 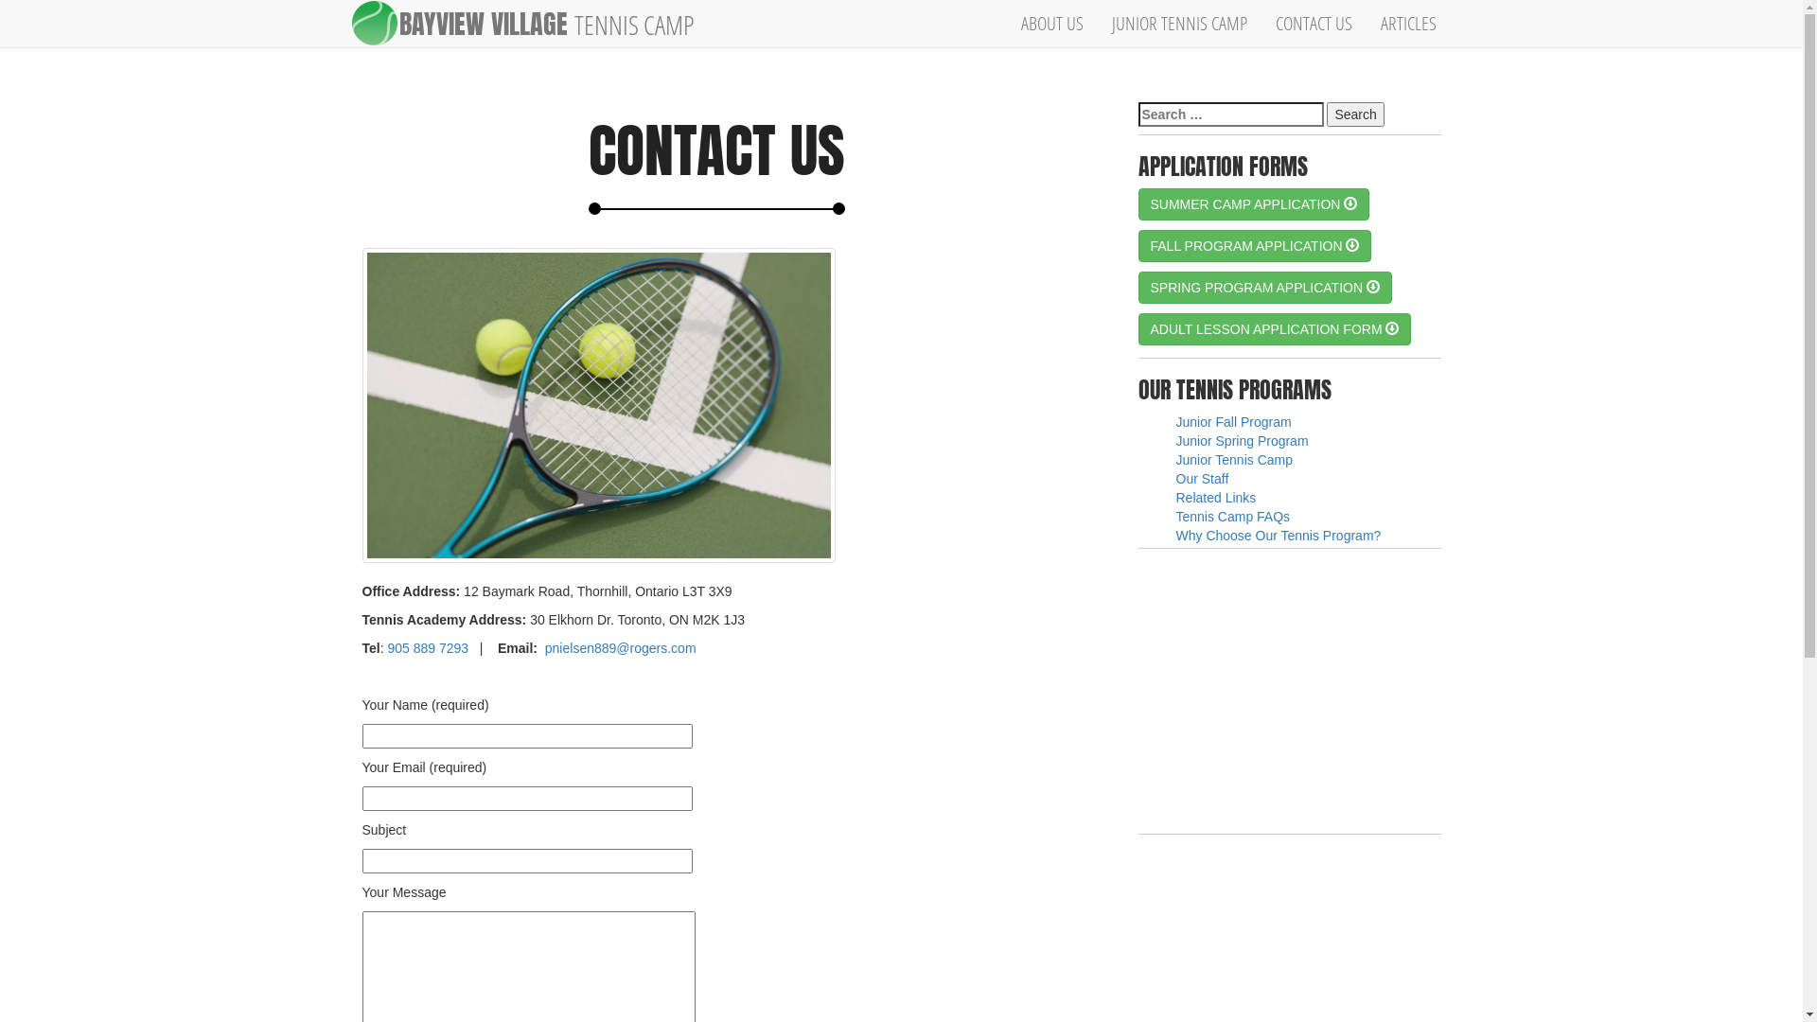 I want to click on 'Junior Fall Program', so click(x=1174, y=421).